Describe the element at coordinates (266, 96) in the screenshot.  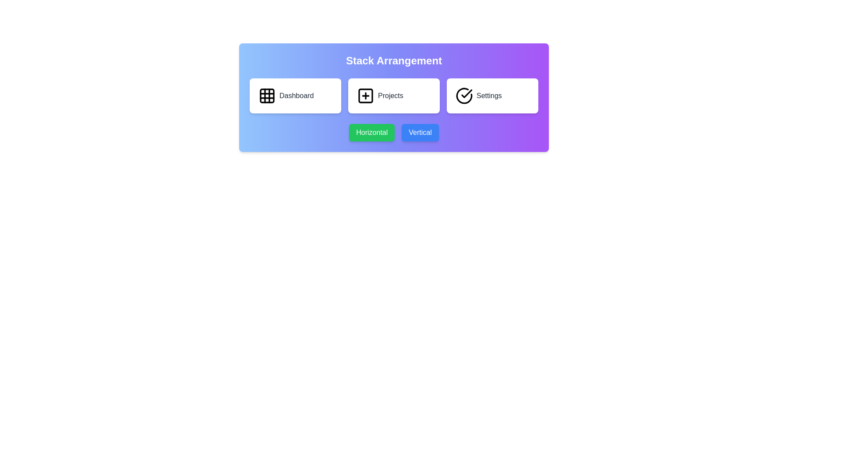
I see `the 'Dashboard' icon located at the leftmost position in the top row` at that location.